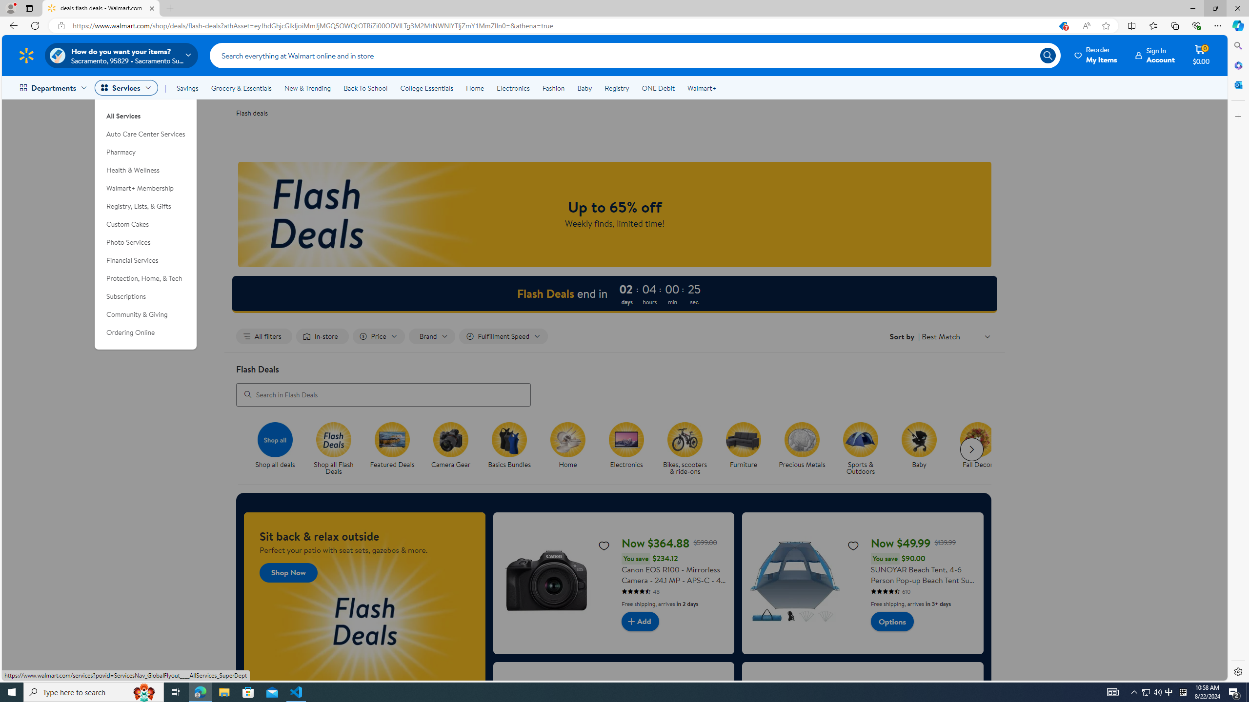  I want to click on 'Featured Deals', so click(392, 439).